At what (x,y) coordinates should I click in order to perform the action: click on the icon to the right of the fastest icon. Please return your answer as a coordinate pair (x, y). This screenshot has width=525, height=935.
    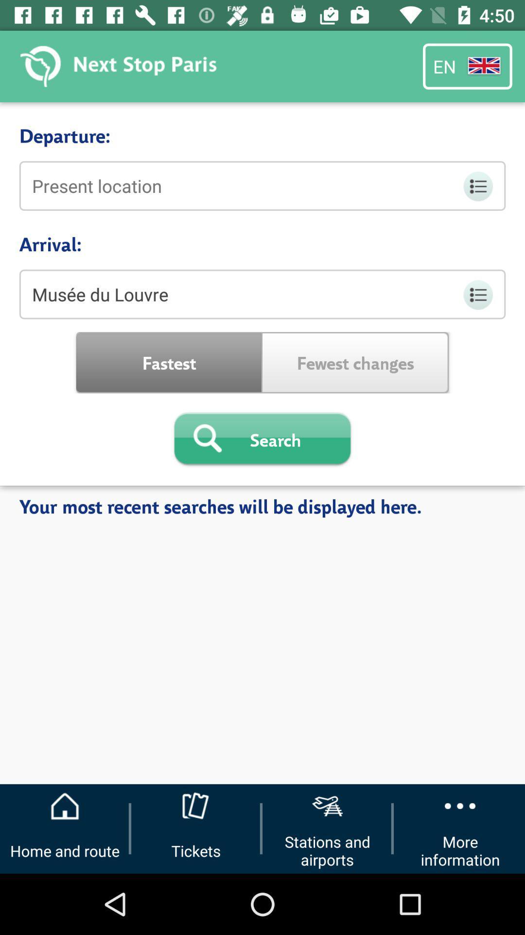
    Looking at the image, I should click on (355, 362).